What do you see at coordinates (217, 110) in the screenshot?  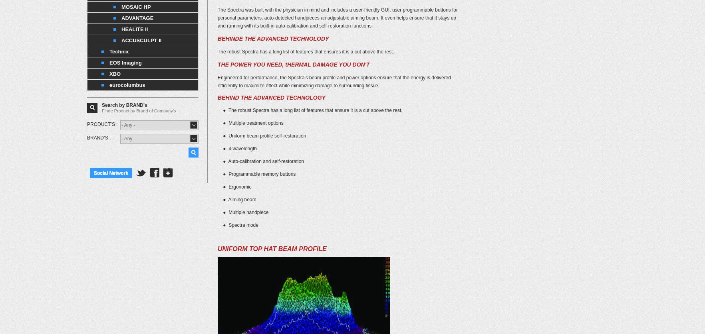 I see `'●  The robust Spectra has a long list of features that ensure it is a cut above the rest.'` at bounding box center [217, 110].